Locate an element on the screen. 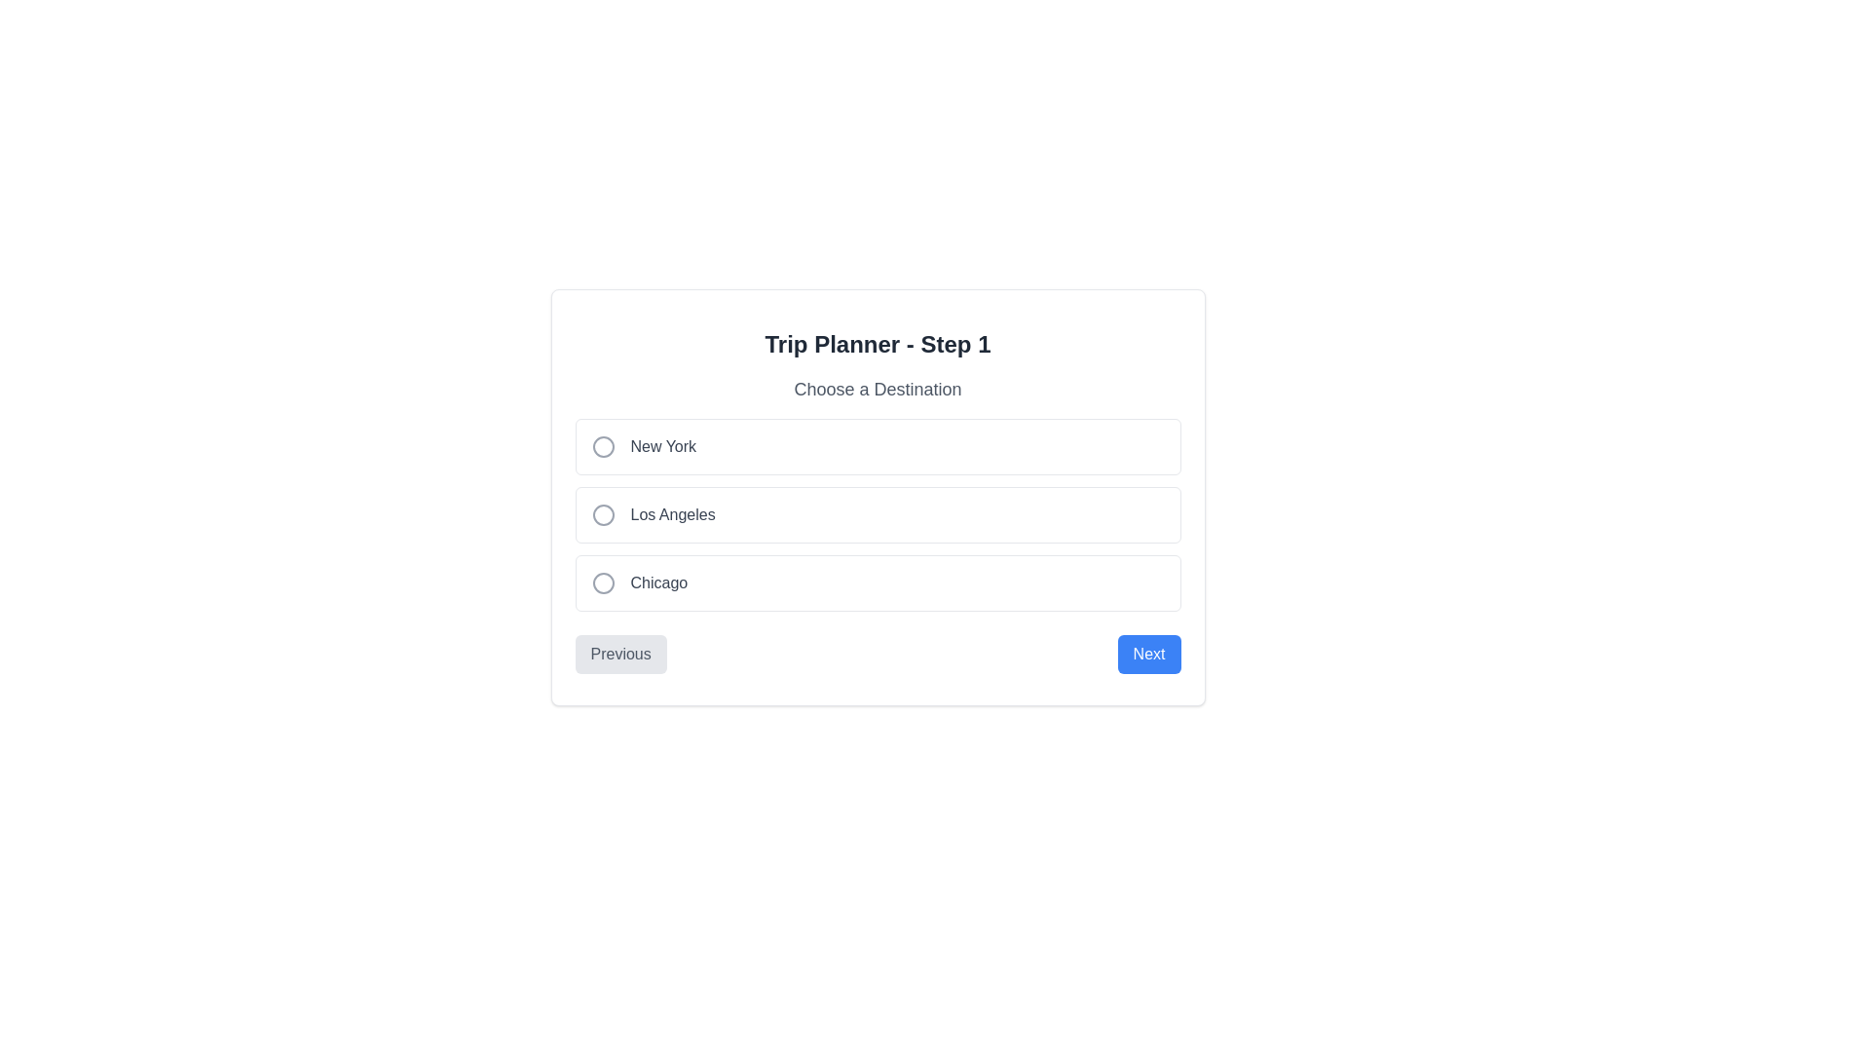 This screenshot has width=1870, height=1052. the circular radio button indicator (SVG icon) located to the right of the text 'Los Angeles', which is part of the second option in a vertically stacked list of options is located at coordinates (602, 513).